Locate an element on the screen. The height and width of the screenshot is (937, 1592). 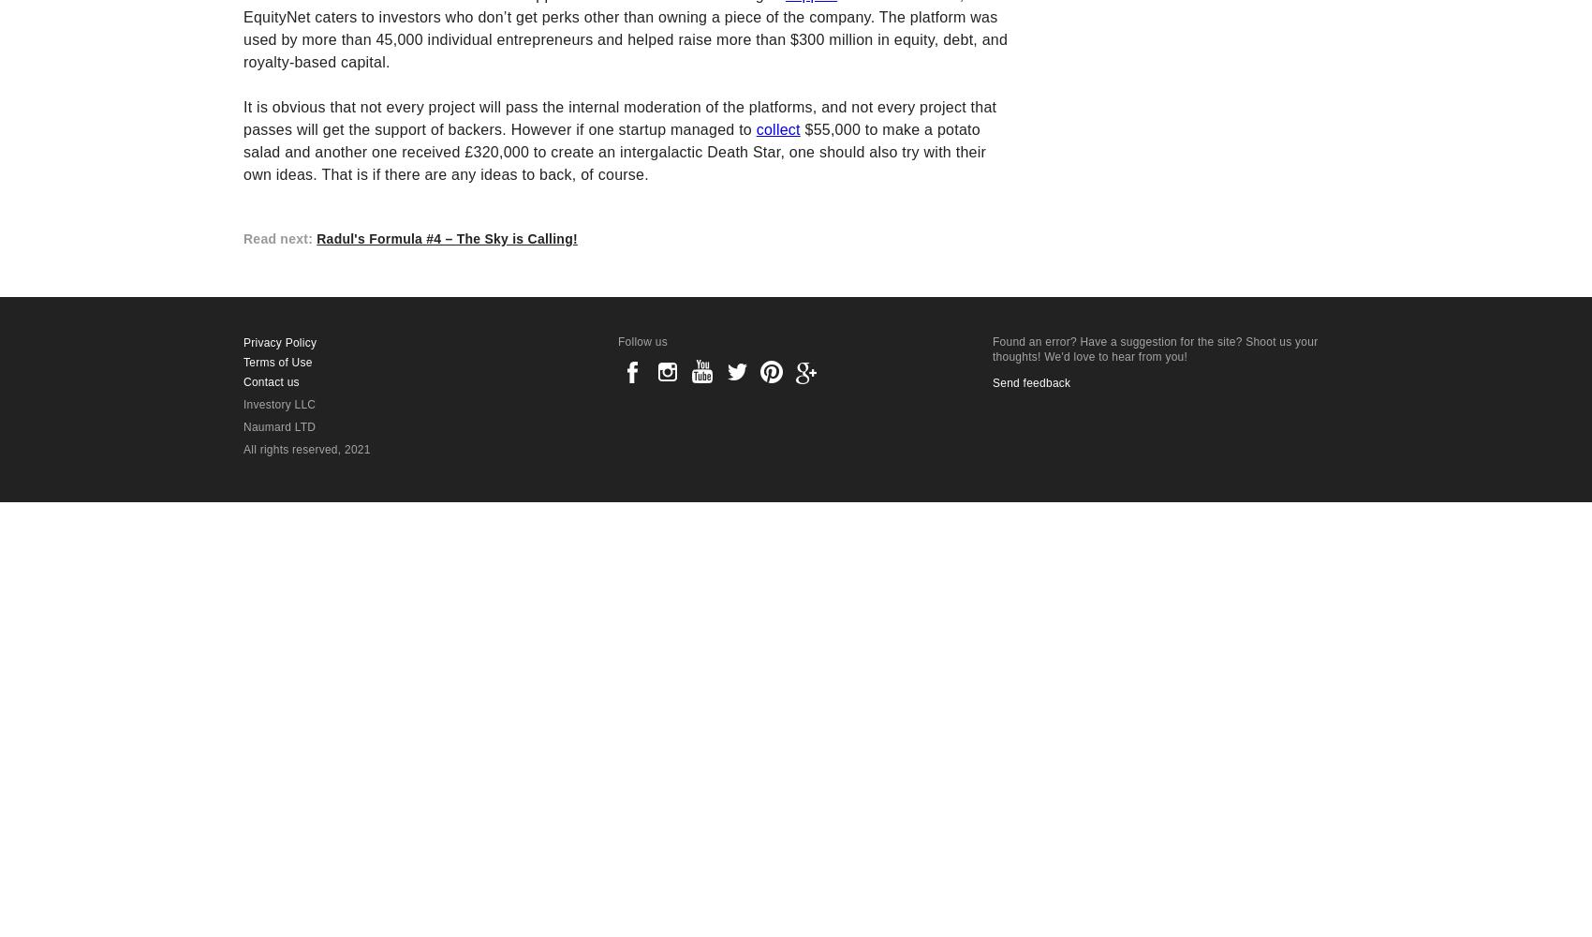
'Contact us' is located at coordinates (271, 381).